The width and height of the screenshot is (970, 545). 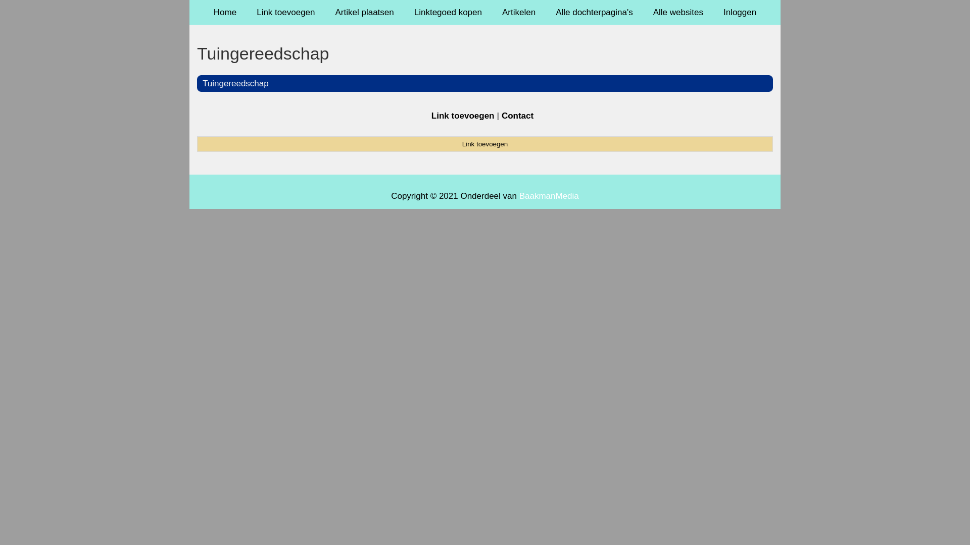 What do you see at coordinates (448, 12) in the screenshot?
I see `'Linktegoed kopen'` at bounding box center [448, 12].